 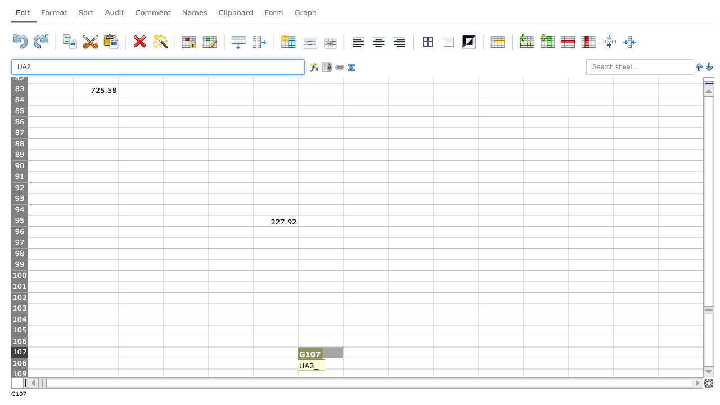 What do you see at coordinates (388, 368) in the screenshot?
I see `fill handle of H108` at bounding box center [388, 368].